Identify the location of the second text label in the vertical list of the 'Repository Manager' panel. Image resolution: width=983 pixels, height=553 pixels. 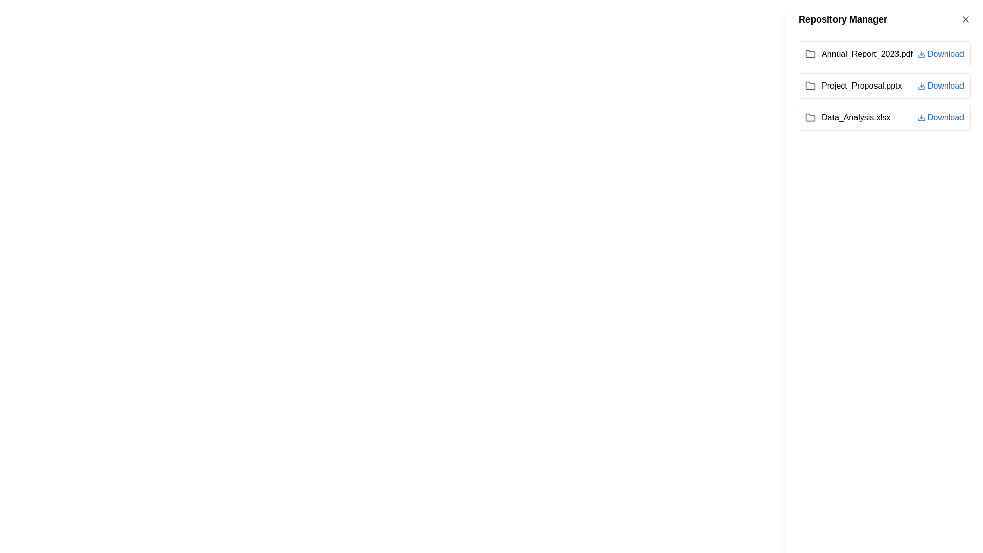
(861, 86).